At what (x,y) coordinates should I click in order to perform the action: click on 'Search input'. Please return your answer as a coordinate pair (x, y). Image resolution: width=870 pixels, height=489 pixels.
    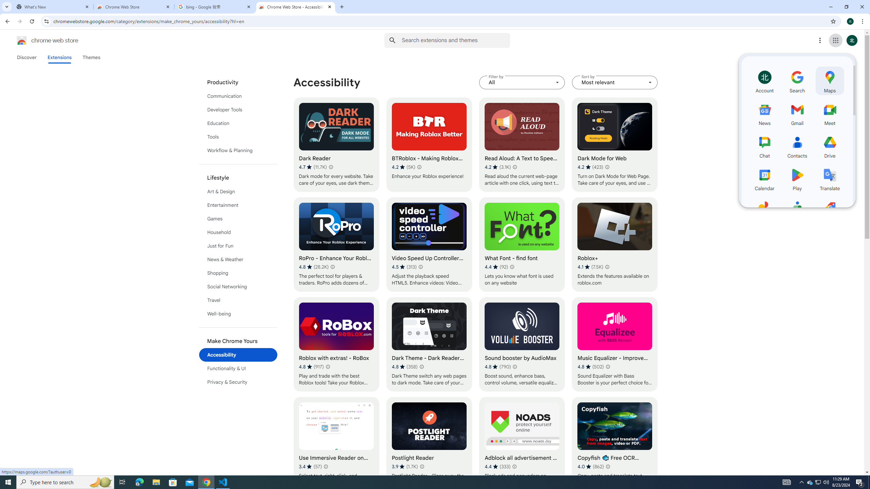
    Looking at the image, I should click on (456, 40).